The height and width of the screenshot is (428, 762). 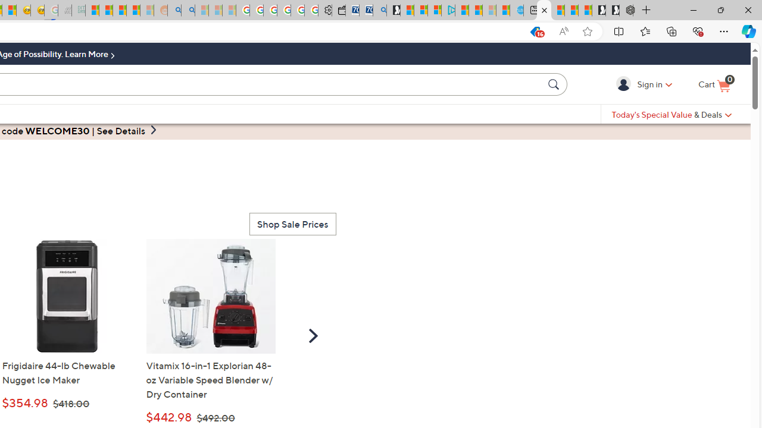 I want to click on 'This site has coupons! Shopping in Microsoft Edge, 16', so click(x=534, y=31).